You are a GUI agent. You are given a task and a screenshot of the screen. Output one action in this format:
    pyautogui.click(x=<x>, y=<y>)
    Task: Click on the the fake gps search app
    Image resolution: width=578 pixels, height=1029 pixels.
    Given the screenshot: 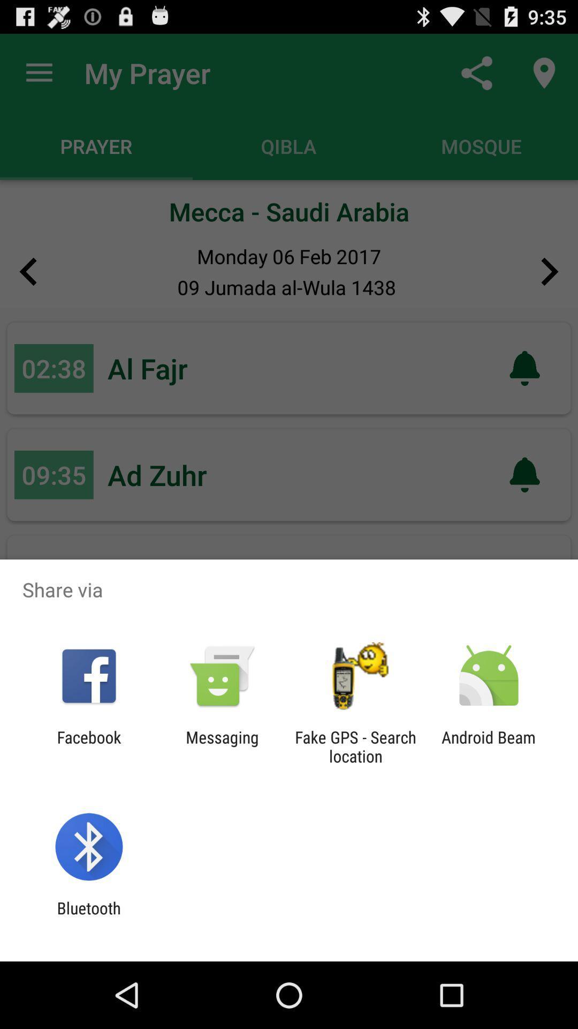 What is the action you would take?
    pyautogui.click(x=355, y=746)
    